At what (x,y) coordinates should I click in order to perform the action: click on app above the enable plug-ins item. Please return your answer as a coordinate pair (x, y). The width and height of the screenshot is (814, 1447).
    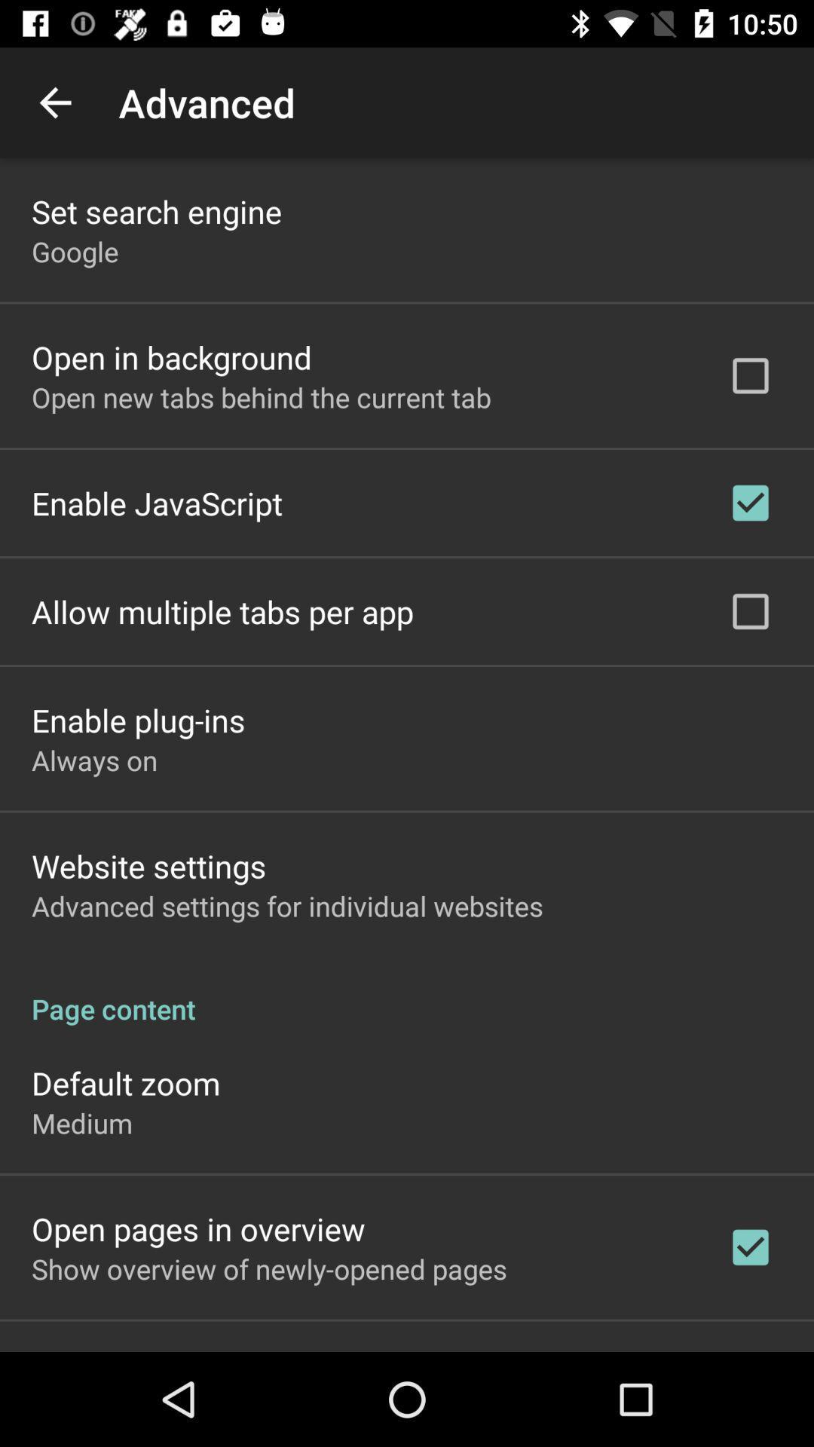
    Looking at the image, I should click on (222, 611).